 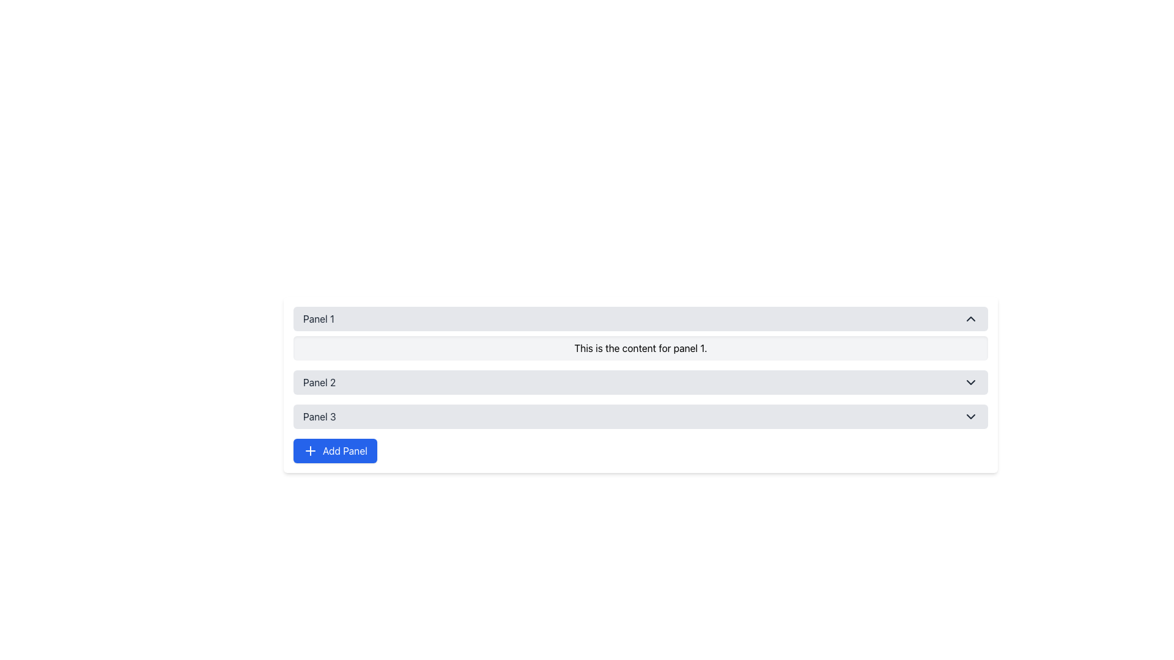 I want to click on the text label 'Panel 3' to focus on the panel, so click(x=319, y=416).